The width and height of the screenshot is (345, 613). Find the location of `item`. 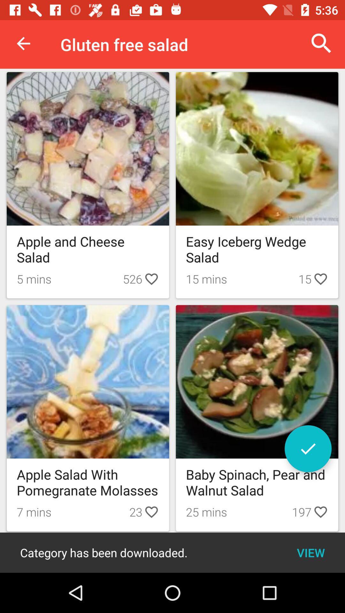

item is located at coordinates (308, 448).